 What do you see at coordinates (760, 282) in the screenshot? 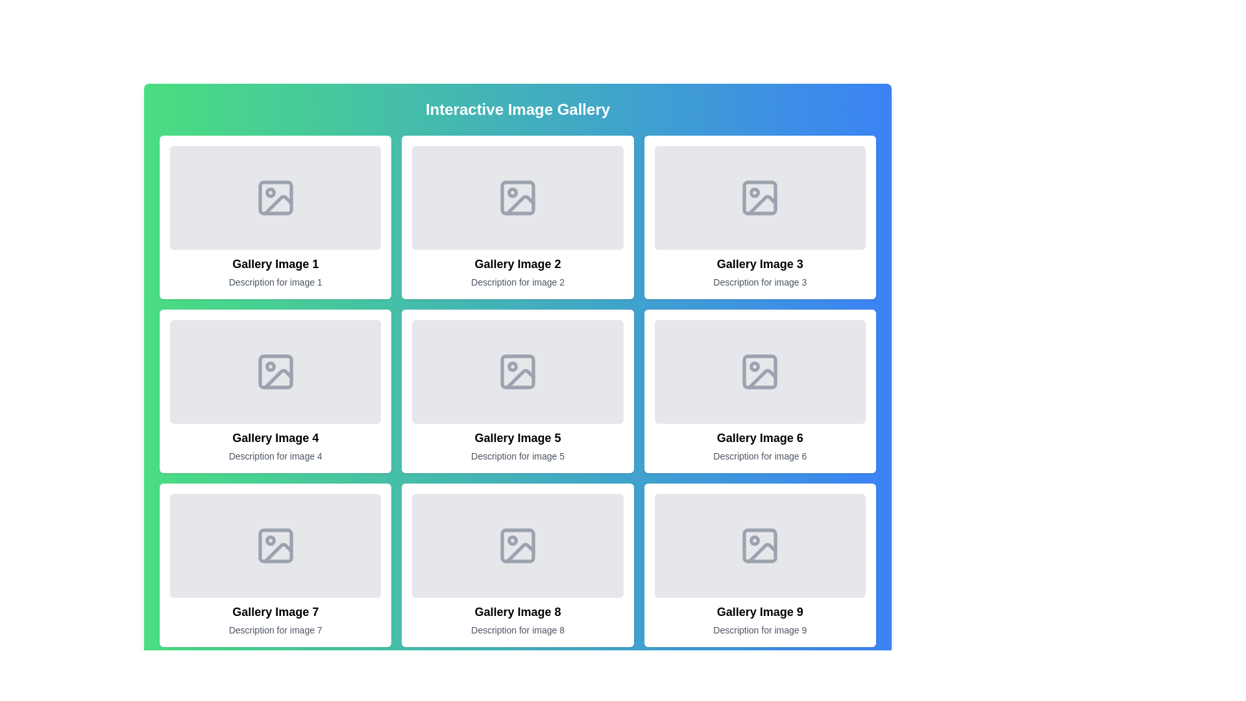
I see `descriptive text label positioned beneath the 'Gallery Image 3' heading in the third gallery item, which provides additional information about the associated image` at bounding box center [760, 282].